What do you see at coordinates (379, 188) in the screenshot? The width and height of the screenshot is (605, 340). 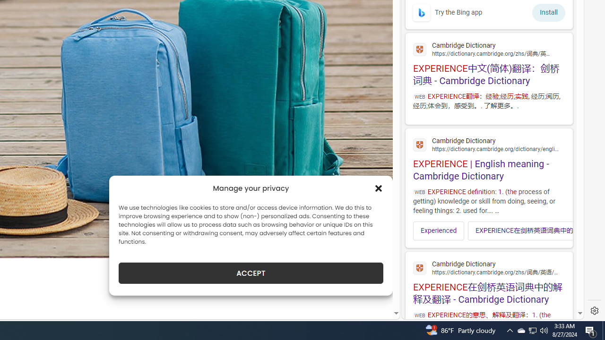 I see `'Class: cmplz-close'` at bounding box center [379, 188].